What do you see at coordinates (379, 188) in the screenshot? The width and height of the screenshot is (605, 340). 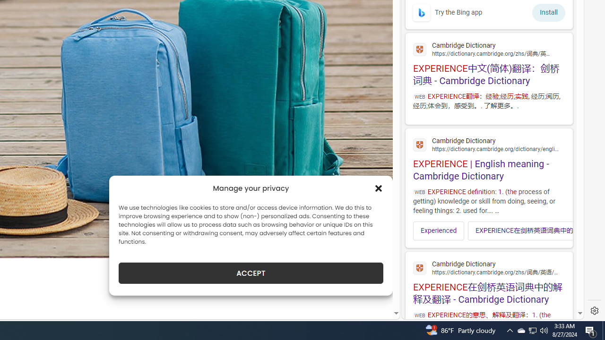 I see `'Class: cmplz-close'` at bounding box center [379, 188].